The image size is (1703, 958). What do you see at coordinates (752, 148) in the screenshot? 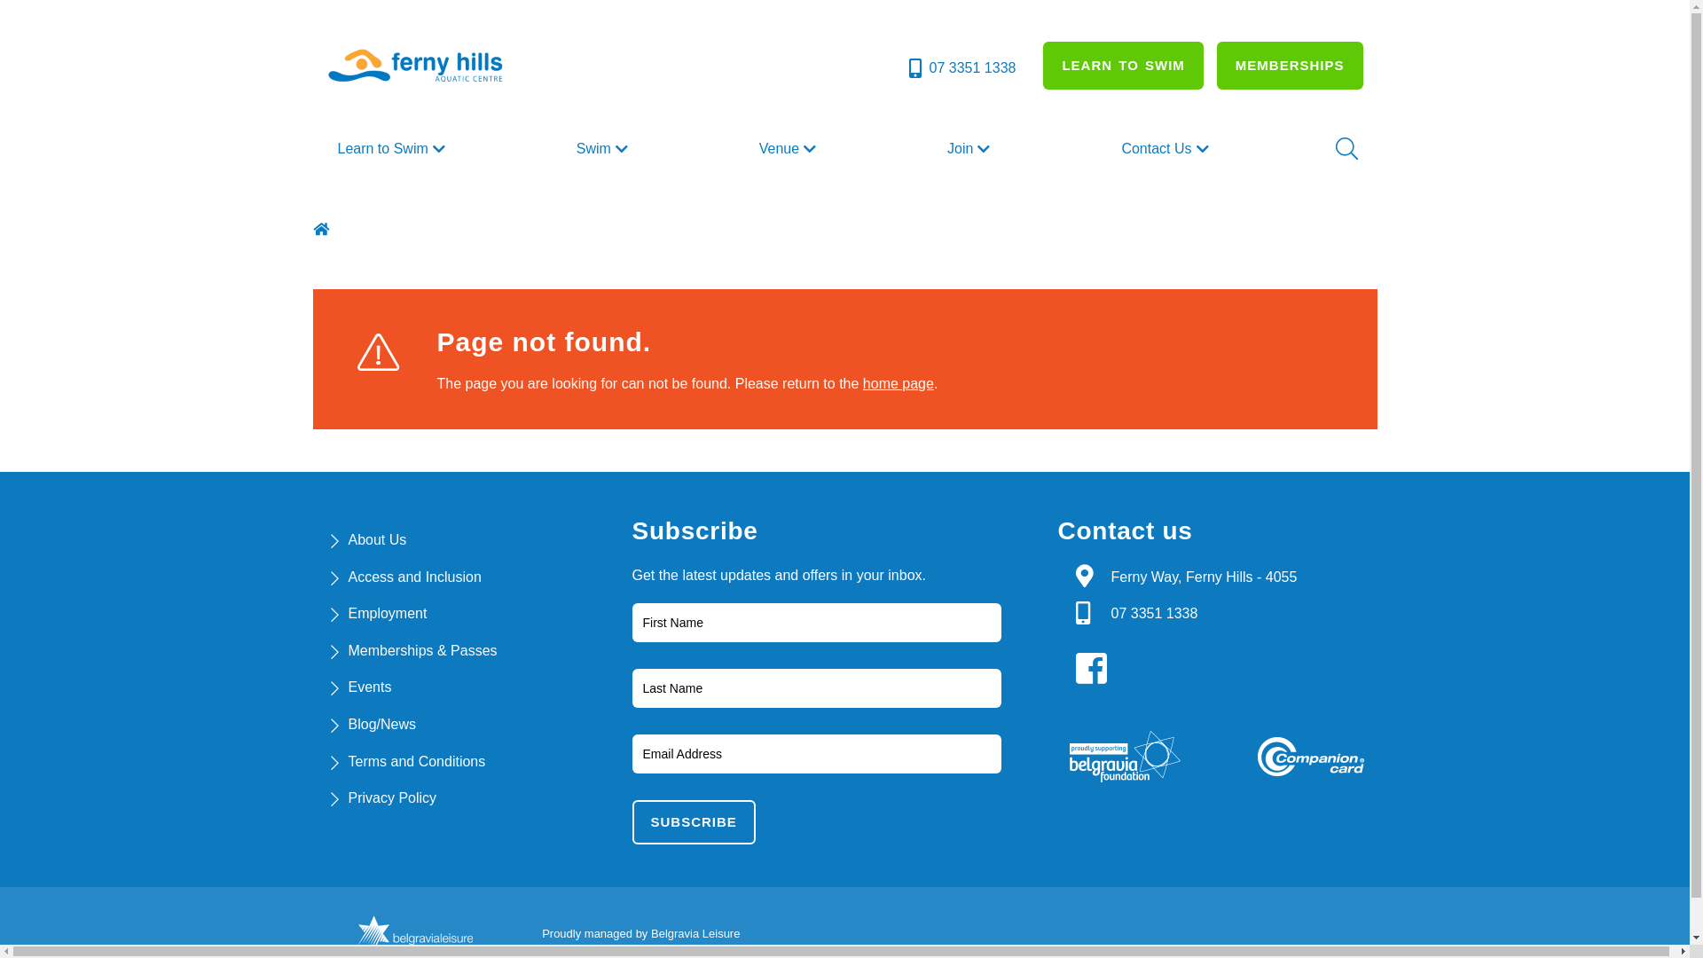
I see `'Venue'` at bounding box center [752, 148].